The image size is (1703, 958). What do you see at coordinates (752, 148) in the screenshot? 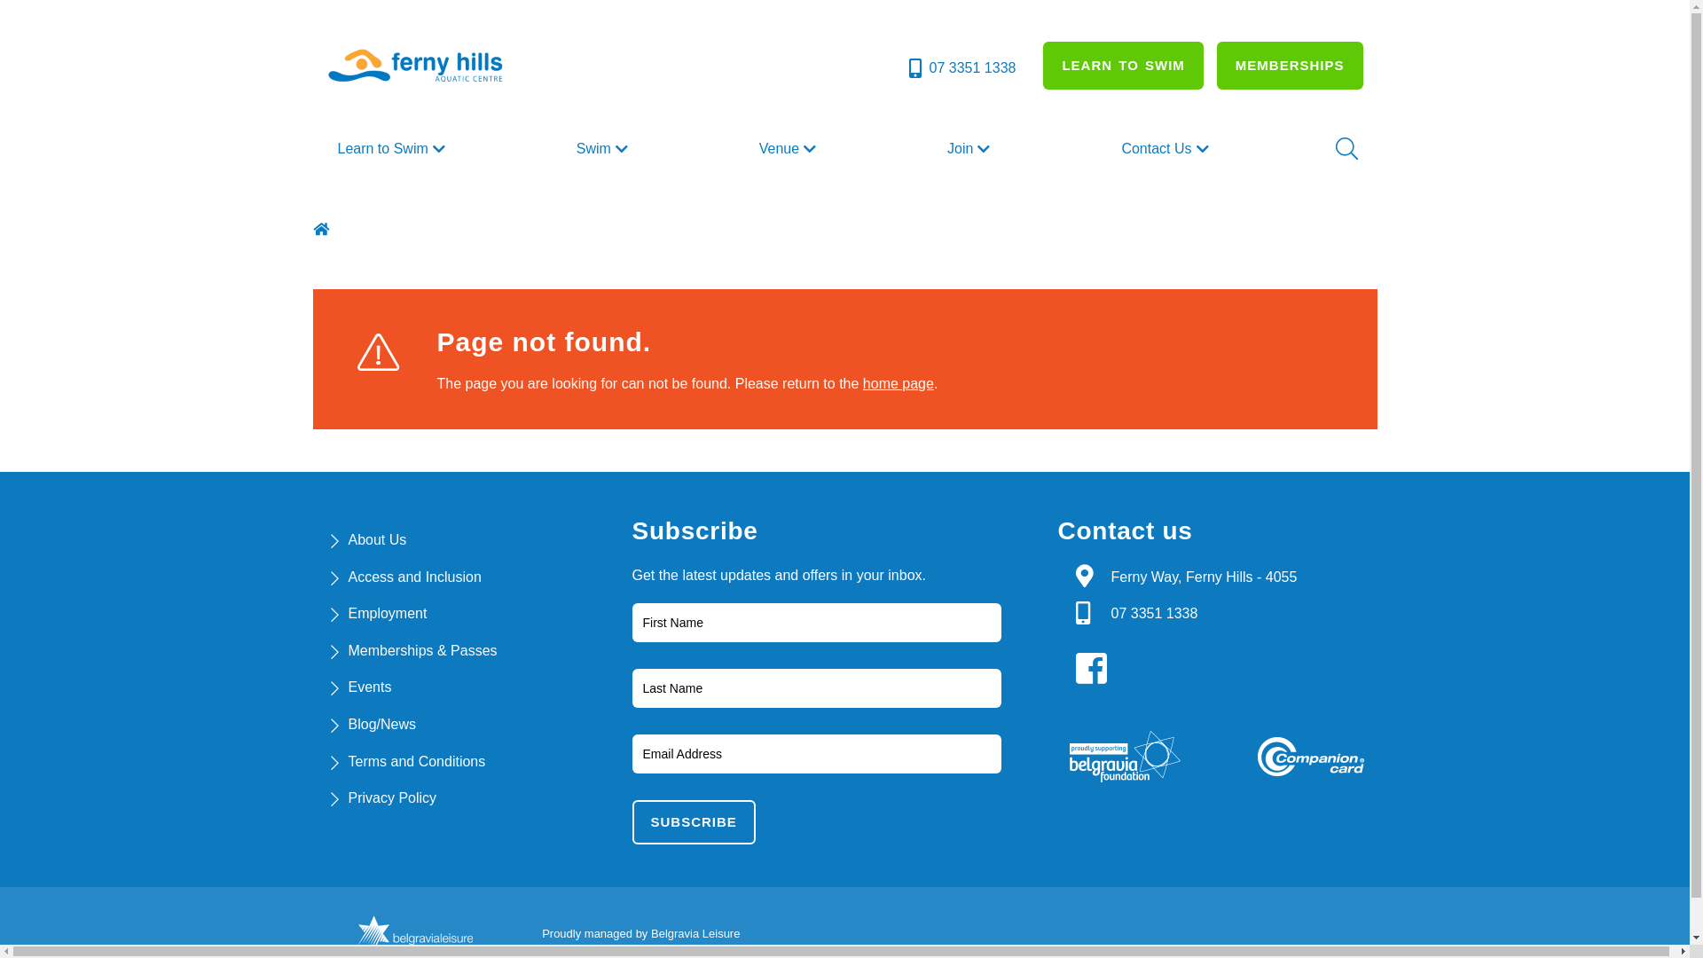
I see `'Venue'` at bounding box center [752, 148].